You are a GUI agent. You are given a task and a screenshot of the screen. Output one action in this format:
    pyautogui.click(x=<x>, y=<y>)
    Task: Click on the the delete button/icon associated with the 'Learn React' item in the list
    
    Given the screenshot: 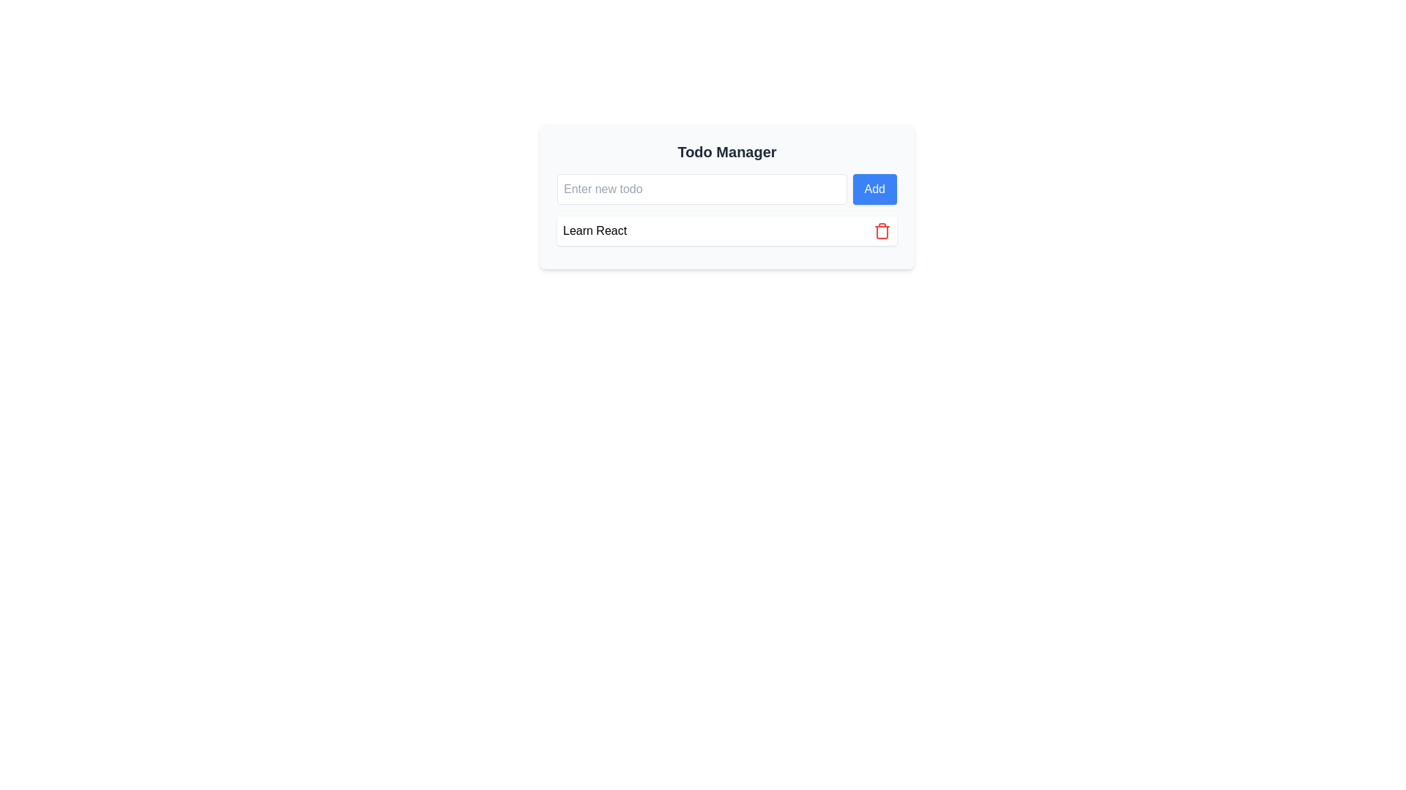 What is the action you would take?
    pyautogui.click(x=881, y=230)
    